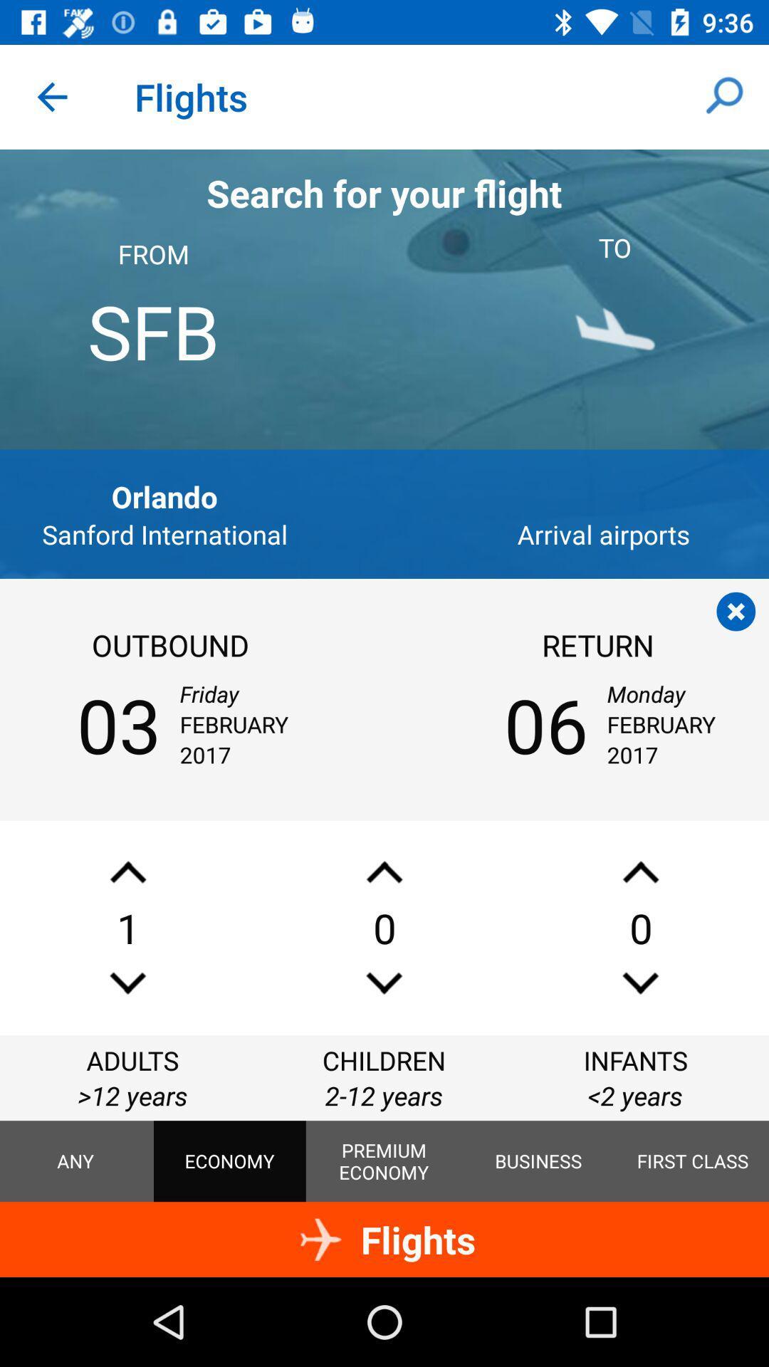 This screenshot has height=1367, width=769. Describe the element at coordinates (384, 983) in the screenshot. I see `the sliders icon` at that location.